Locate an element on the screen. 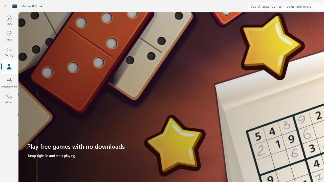  'Back' is located at coordinates (6, 6).